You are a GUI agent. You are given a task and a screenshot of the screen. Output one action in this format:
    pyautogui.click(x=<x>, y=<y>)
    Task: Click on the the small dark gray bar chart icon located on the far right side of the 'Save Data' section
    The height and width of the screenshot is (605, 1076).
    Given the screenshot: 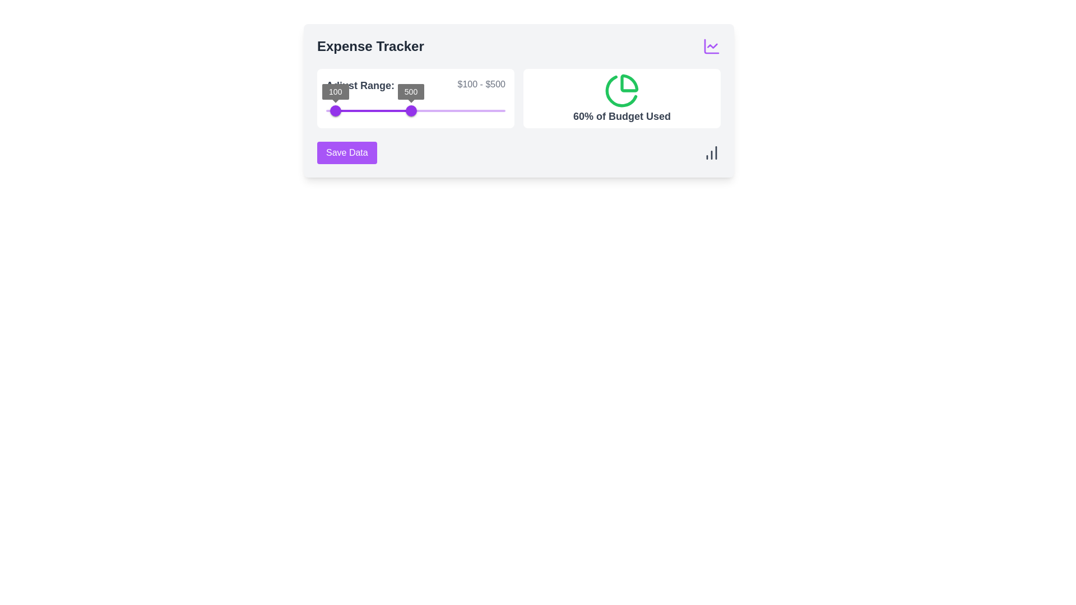 What is the action you would take?
    pyautogui.click(x=711, y=153)
    